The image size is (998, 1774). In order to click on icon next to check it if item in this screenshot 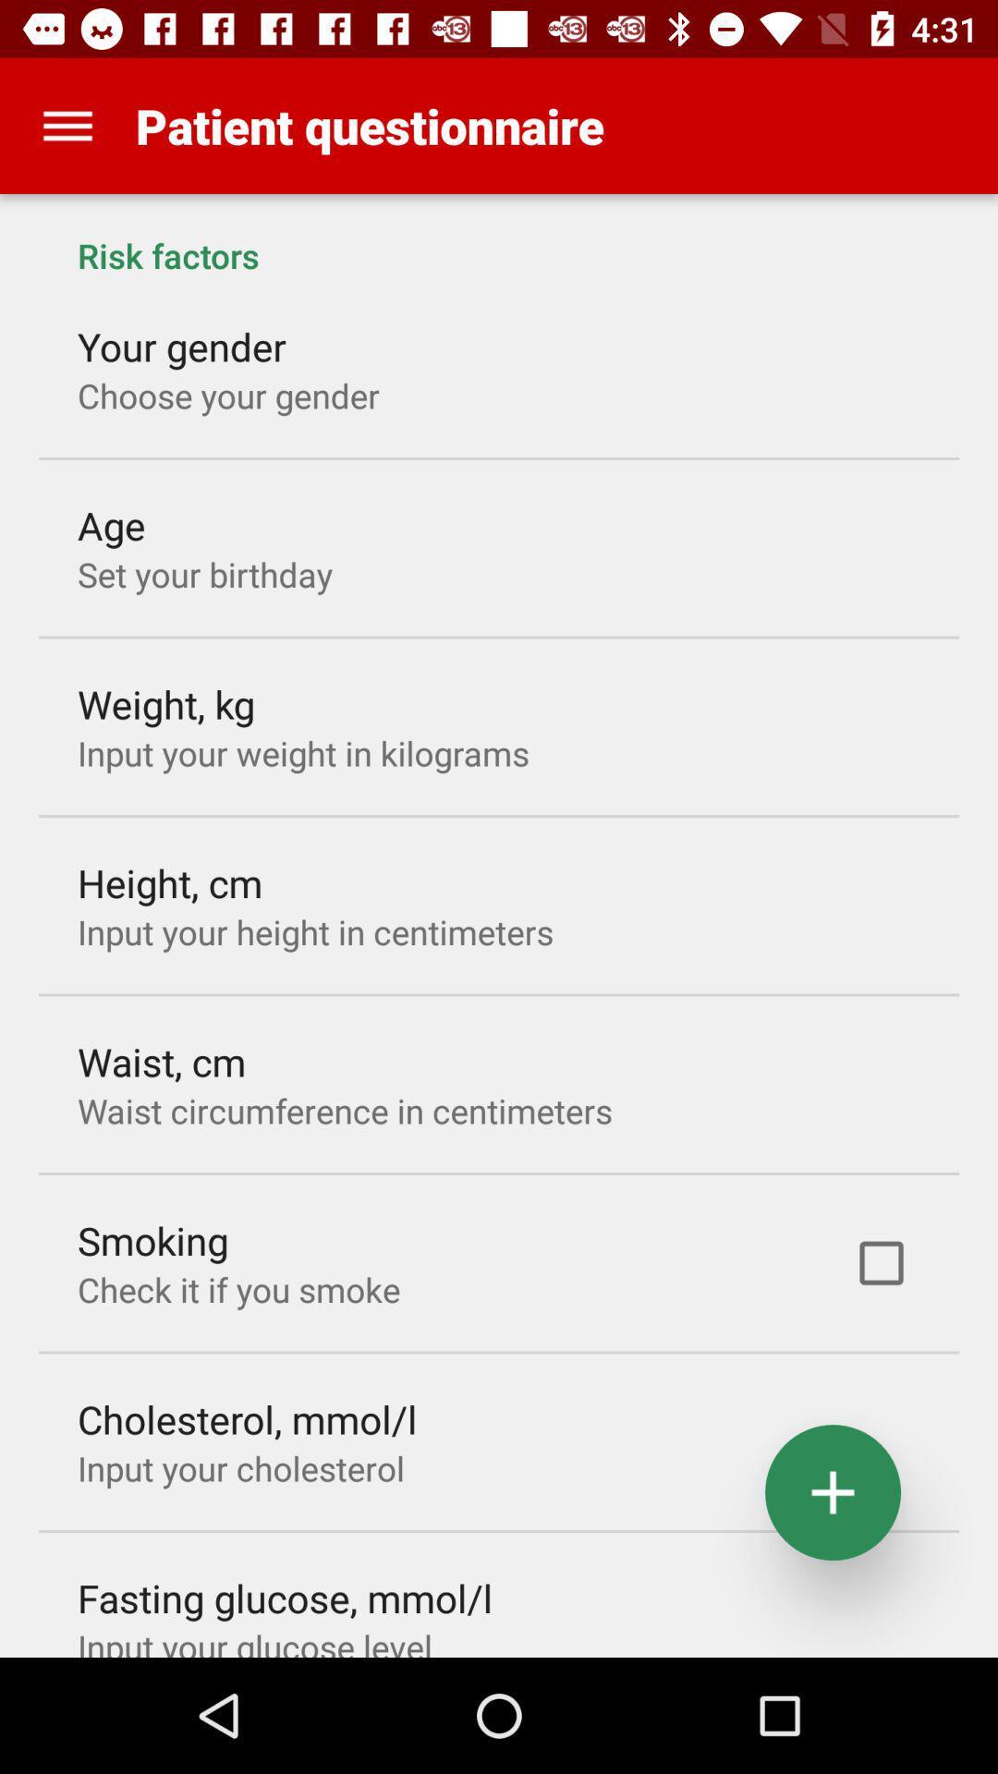, I will do `click(880, 1262)`.